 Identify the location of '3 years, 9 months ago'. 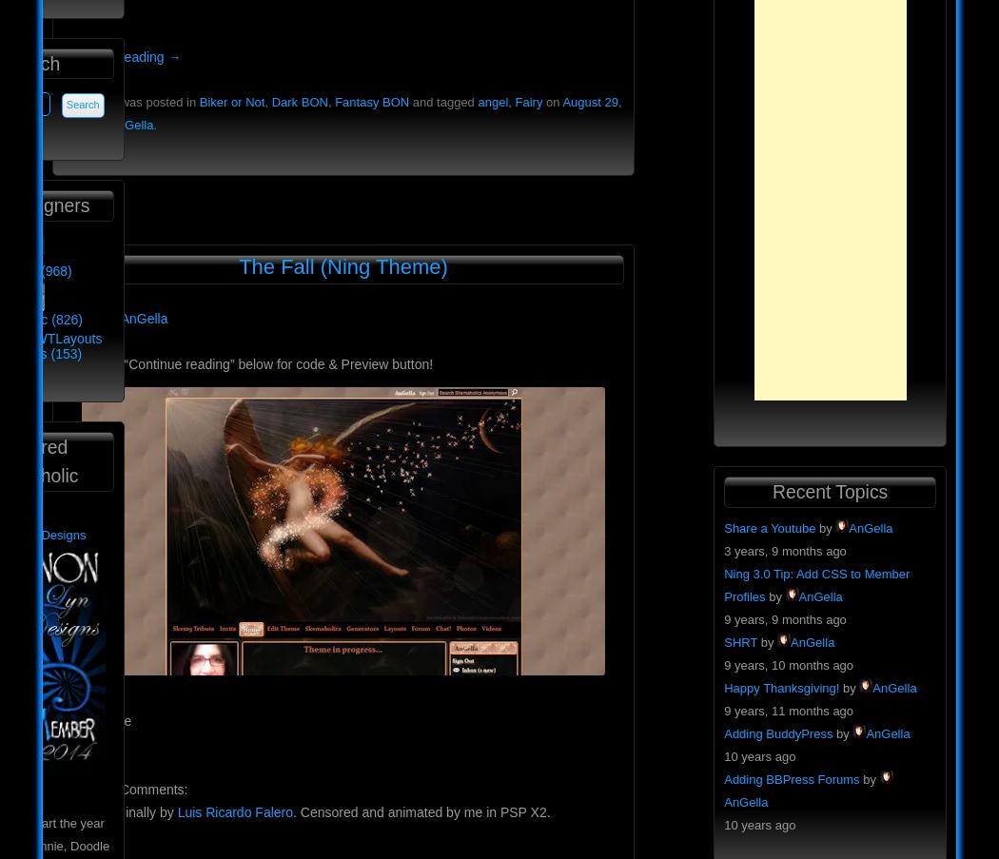
(783, 549).